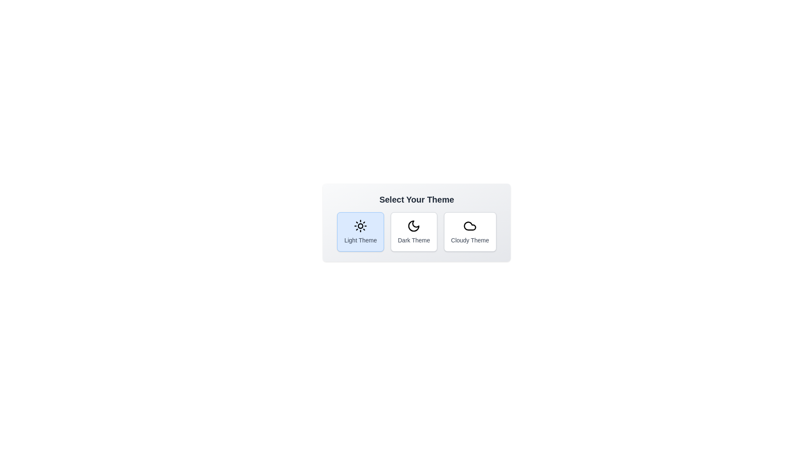  Describe the element at coordinates (470, 226) in the screenshot. I see `the interior part of the cloud icon that is aligned with the 'Cloudy Theme' label located in the middle-bottom of the interface` at that location.